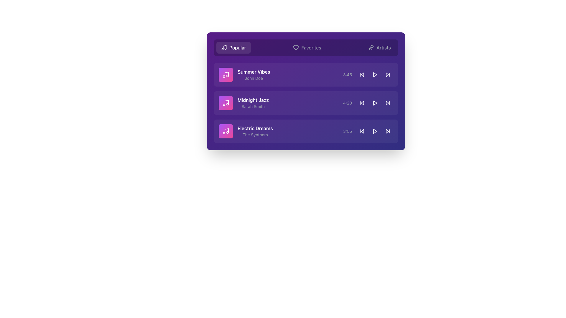  What do you see at coordinates (388, 74) in the screenshot?
I see `the forward navigation button represented by a right-pointing triangular icon next to a vertical line, located in the second row adjacent to the 'Midnight Jazz' song entry, to trigger a tooltip or visual feedback` at bounding box center [388, 74].